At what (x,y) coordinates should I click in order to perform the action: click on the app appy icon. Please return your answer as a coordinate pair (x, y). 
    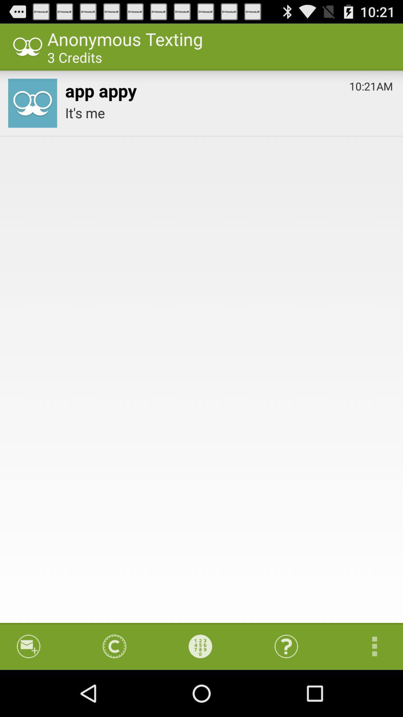
    Looking at the image, I should click on (101, 89).